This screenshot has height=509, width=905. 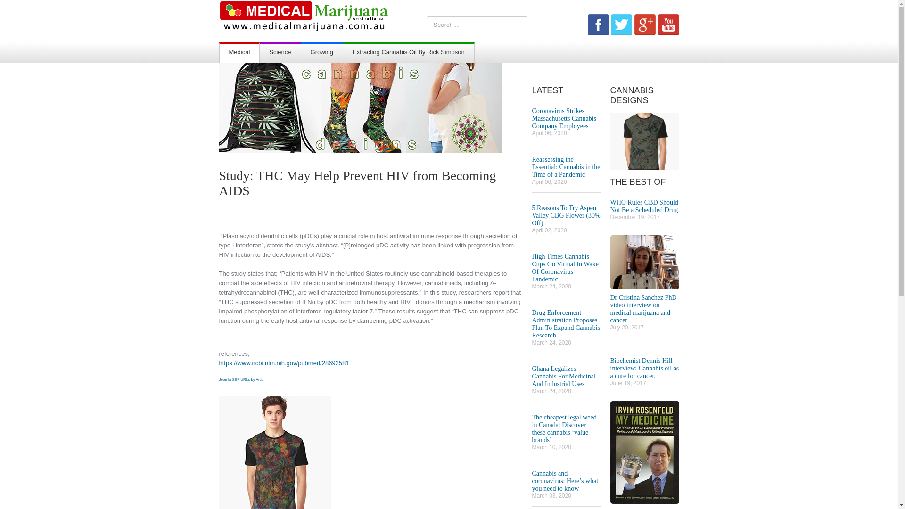 What do you see at coordinates (610, 205) in the screenshot?
I see `'WHO Rules CBD Should Not Be a Scheduled Drug'` at bounding box center [610, 205].